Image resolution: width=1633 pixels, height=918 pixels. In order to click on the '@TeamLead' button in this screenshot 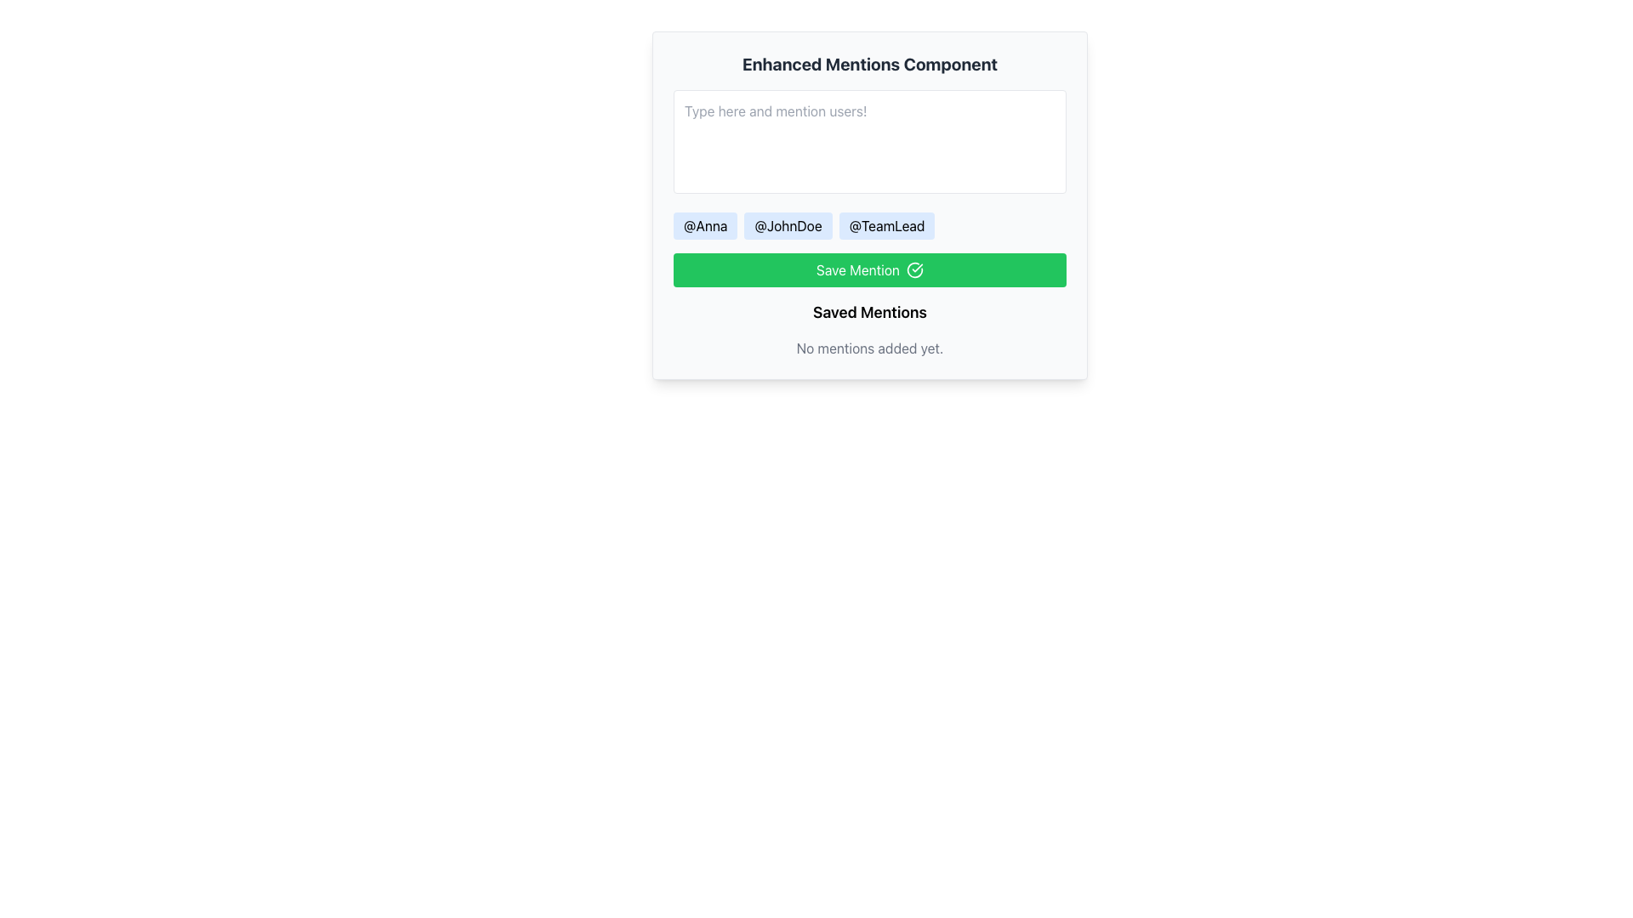, I will do `click(886, 225)`.